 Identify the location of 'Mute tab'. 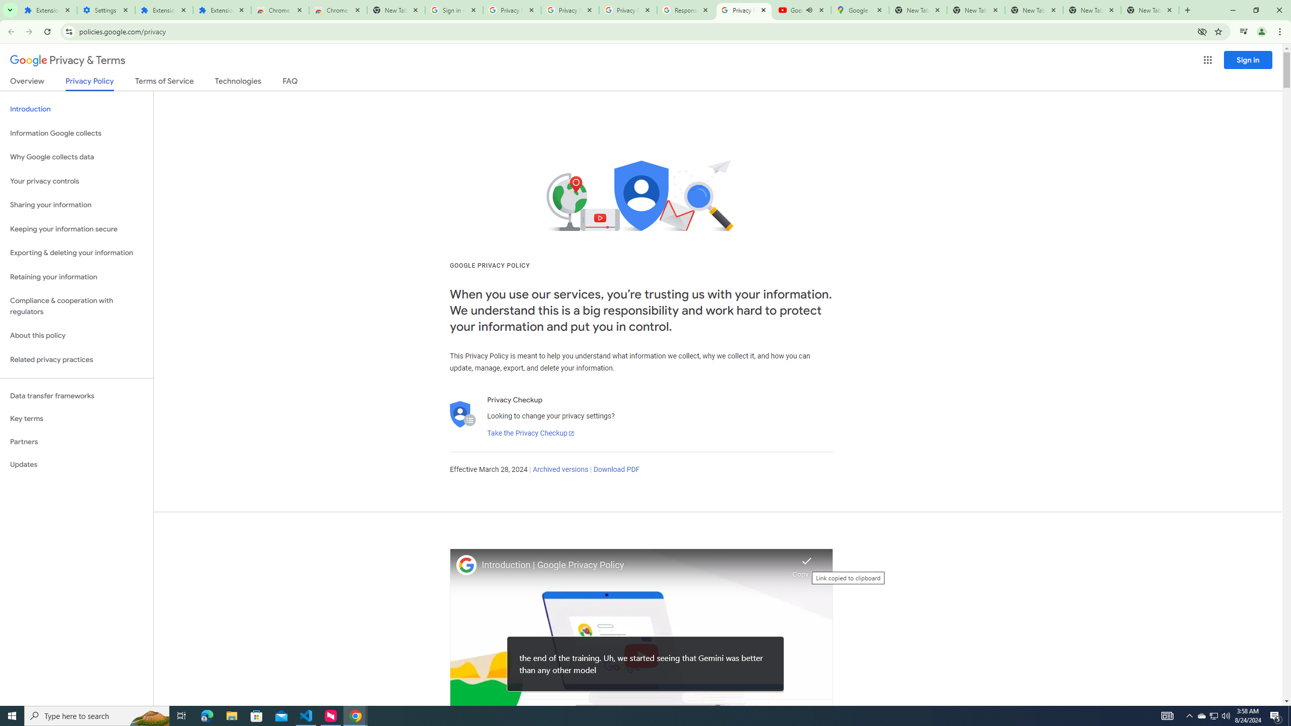
(809, 10).